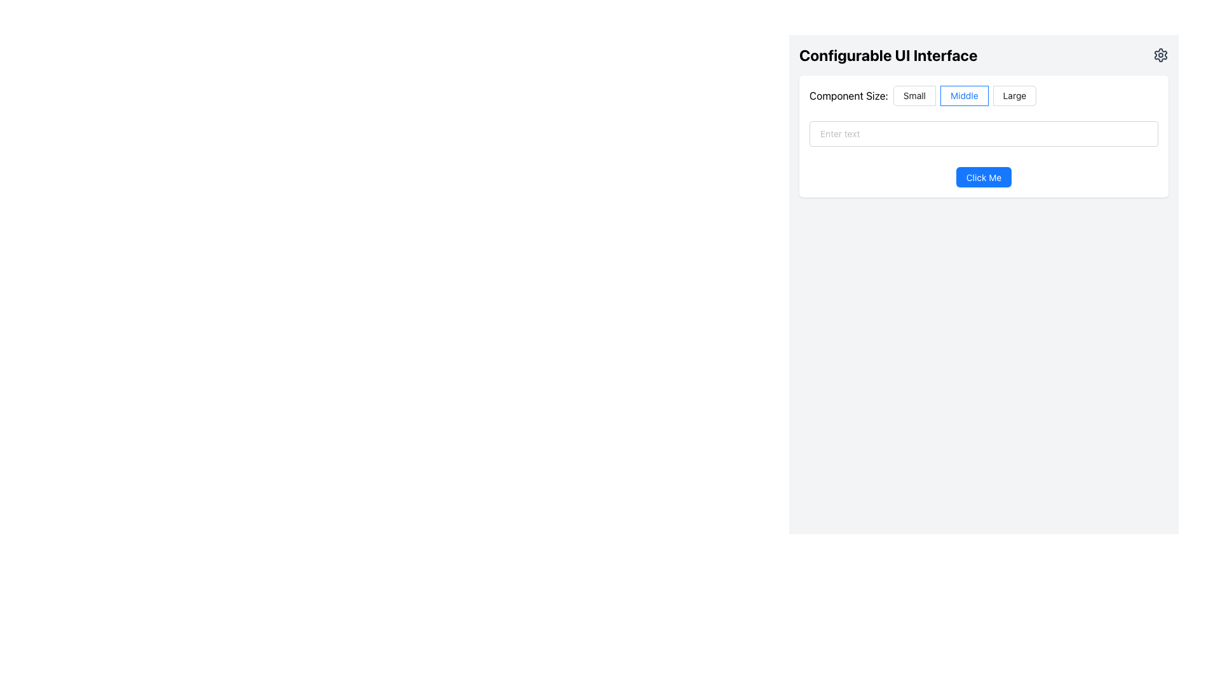 The height and width of the screenshot is (686, 1220). Describe the element at coordinates (964, 95) in the screenshot. I see `the 'Middle' radio button` at that location.